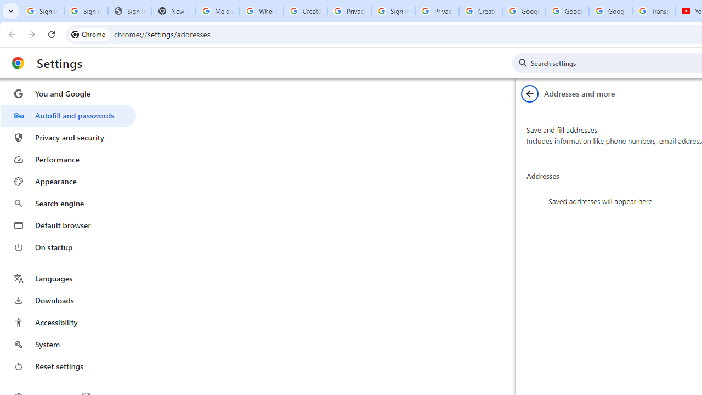 This screenshot has width=702, height=395. I want to click on 'Reset settings', so click(67, 366).